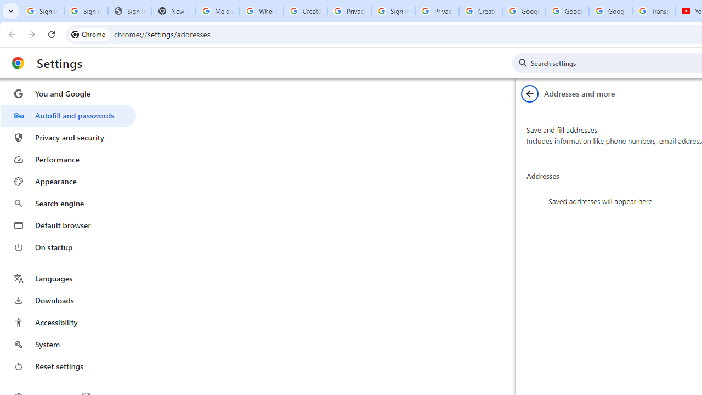 This screenshot has width=702, height=395. I want to click on 'Reset settings', so click(67, 366).